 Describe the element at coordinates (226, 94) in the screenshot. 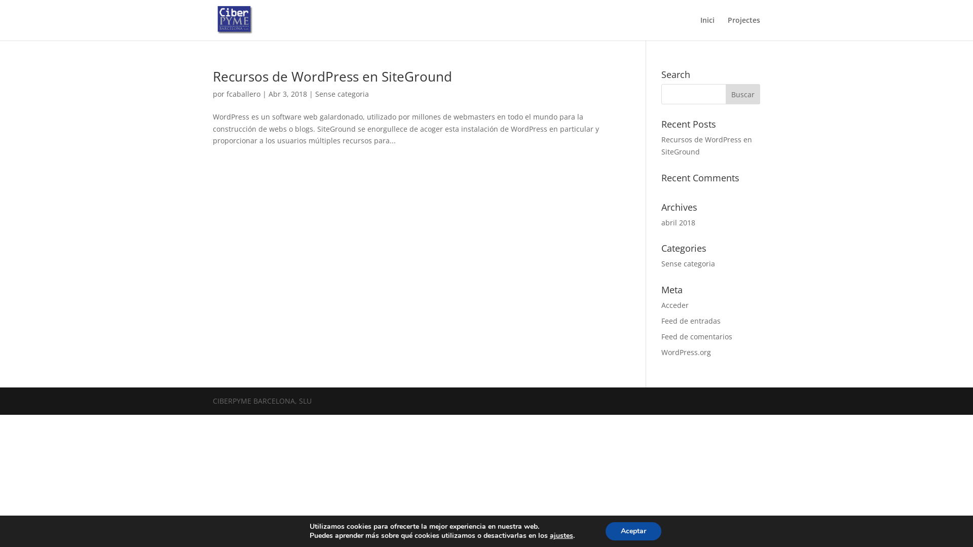

I see `'fcaballero'` at that location.